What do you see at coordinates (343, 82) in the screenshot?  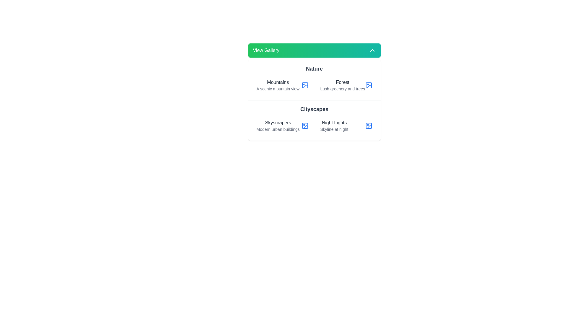 I see `the text label displaying 'Forest' in medium gray font, positioned in the Nature section above 'Lush greenery and trees'` at bounding box center [343, 82].